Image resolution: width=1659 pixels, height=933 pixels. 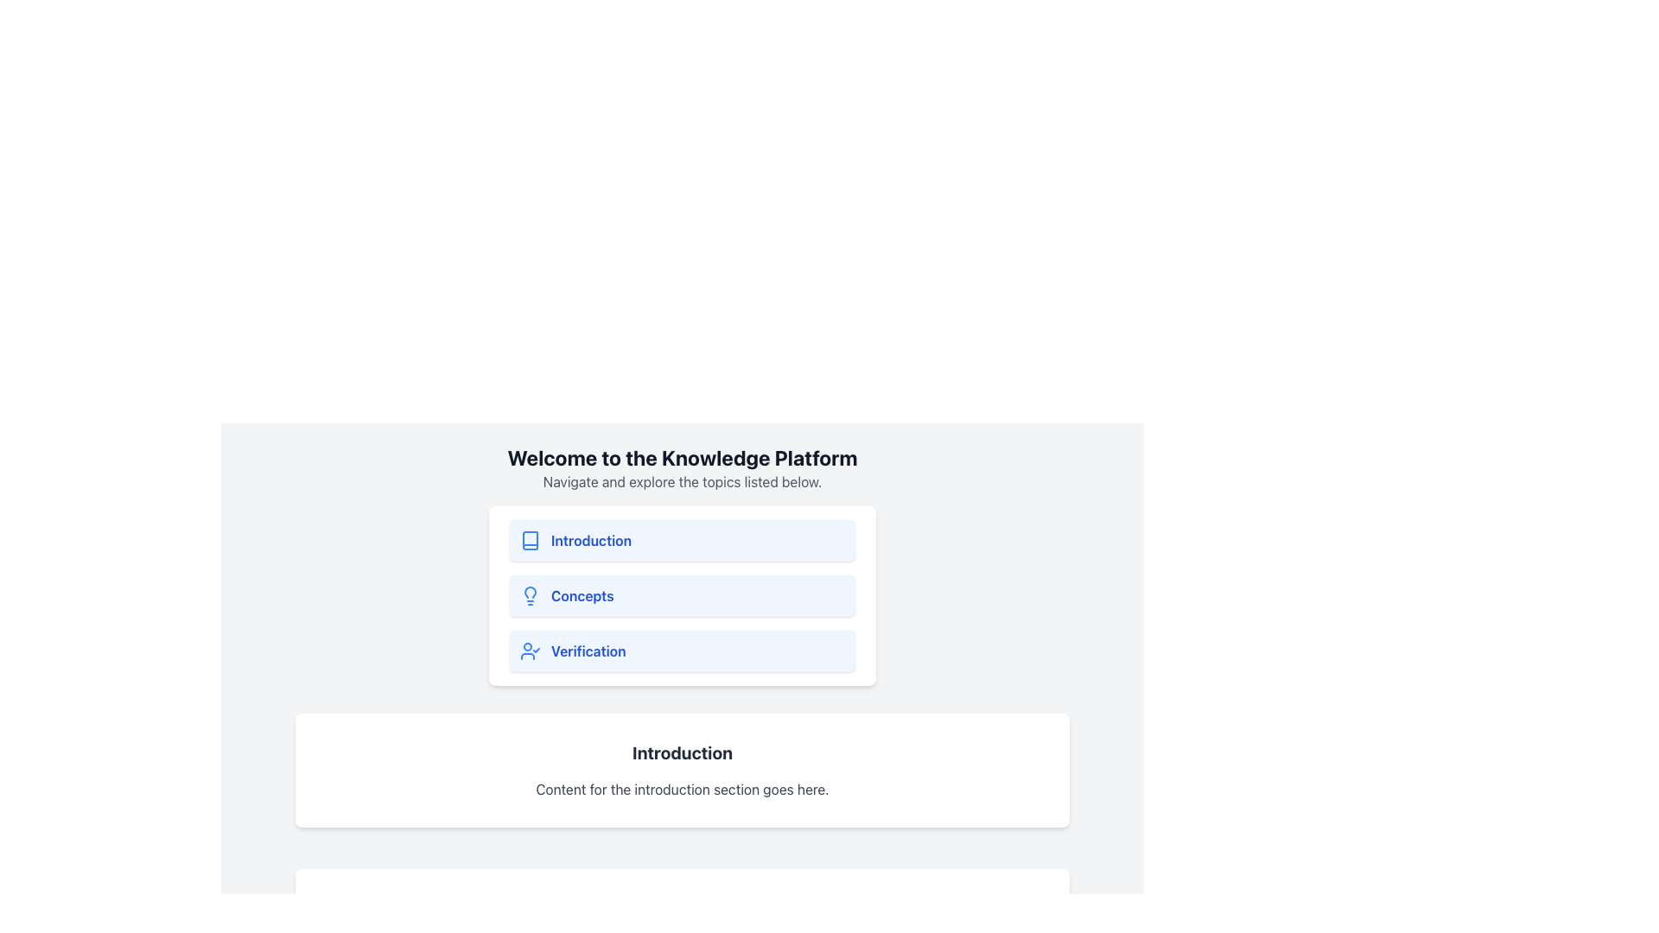 What do you see at coordinates (682, 790) in the screenshot?
I see `the descriptive text display located below the 'Introduction' header, which provides an overview for that section` at bounding box center [682, 790].